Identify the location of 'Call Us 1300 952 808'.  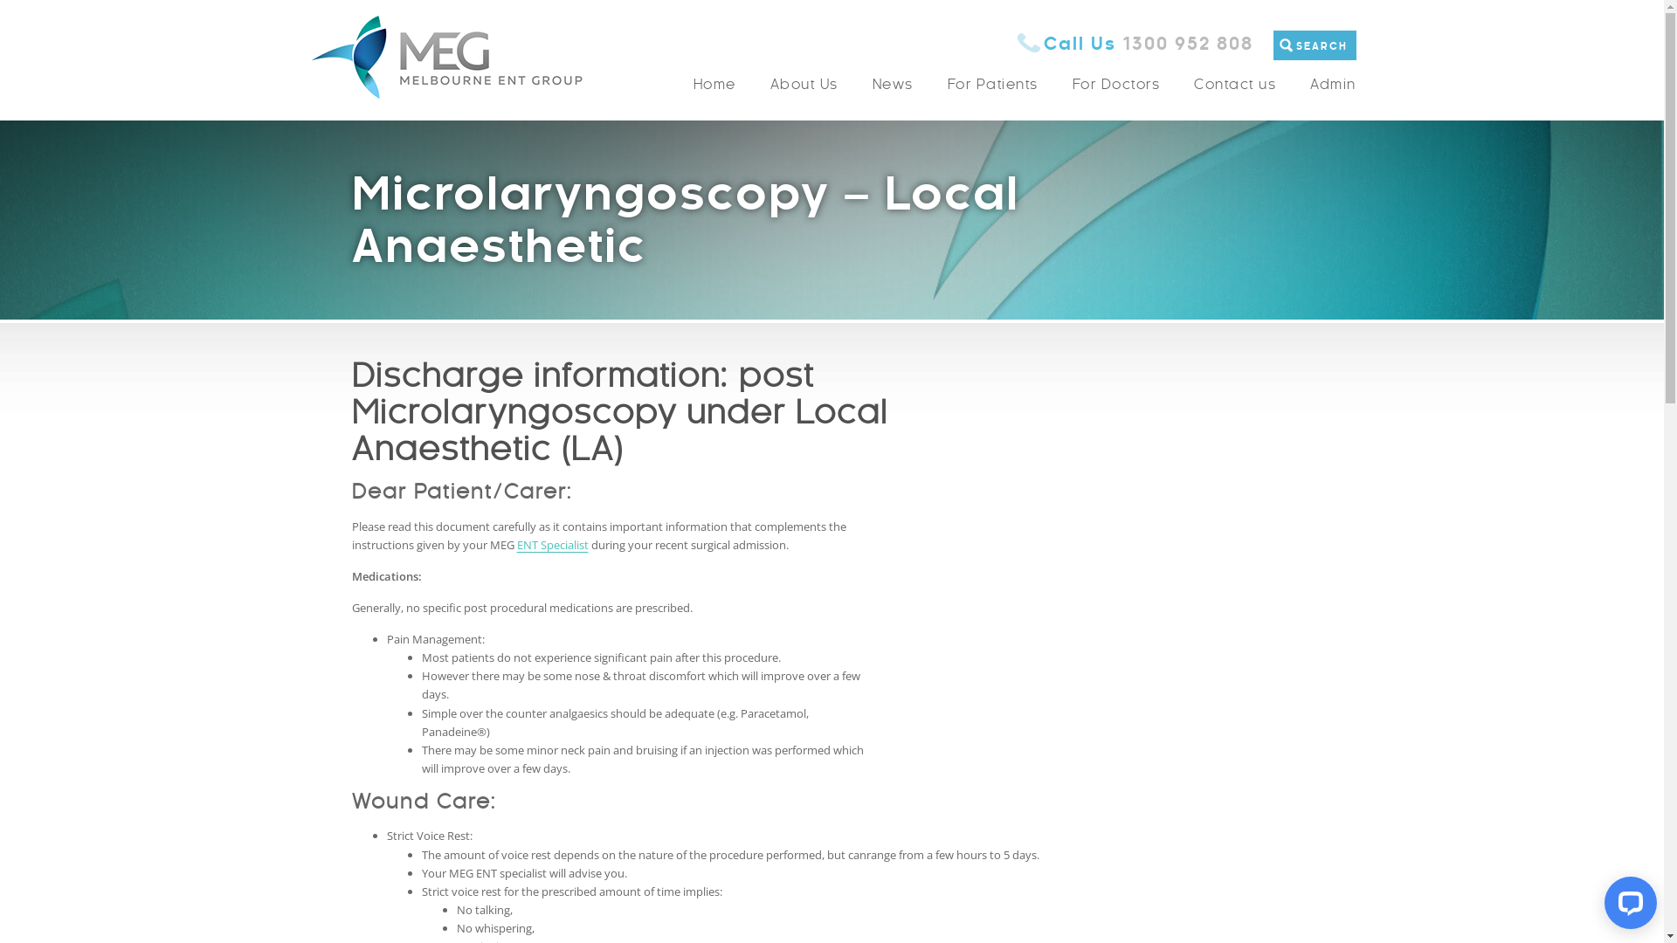
(1135, 43).